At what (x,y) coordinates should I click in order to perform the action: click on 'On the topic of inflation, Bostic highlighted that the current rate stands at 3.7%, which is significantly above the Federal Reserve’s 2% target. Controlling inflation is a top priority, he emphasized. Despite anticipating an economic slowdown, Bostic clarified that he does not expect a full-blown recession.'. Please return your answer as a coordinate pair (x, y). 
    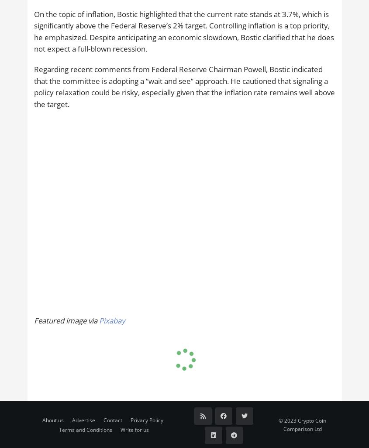
    Looking at the image, I should click on (183, 31).